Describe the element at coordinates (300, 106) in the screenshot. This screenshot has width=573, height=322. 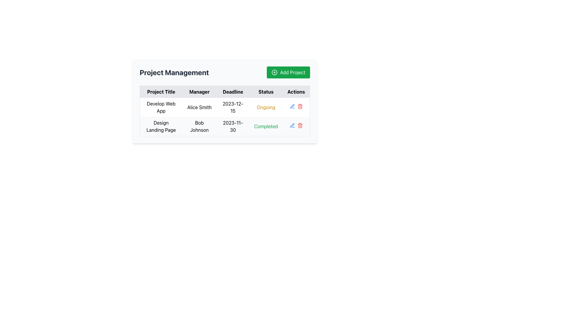
I see `the trash icon button in the 'Actions' column of the second row of the table` at that location.